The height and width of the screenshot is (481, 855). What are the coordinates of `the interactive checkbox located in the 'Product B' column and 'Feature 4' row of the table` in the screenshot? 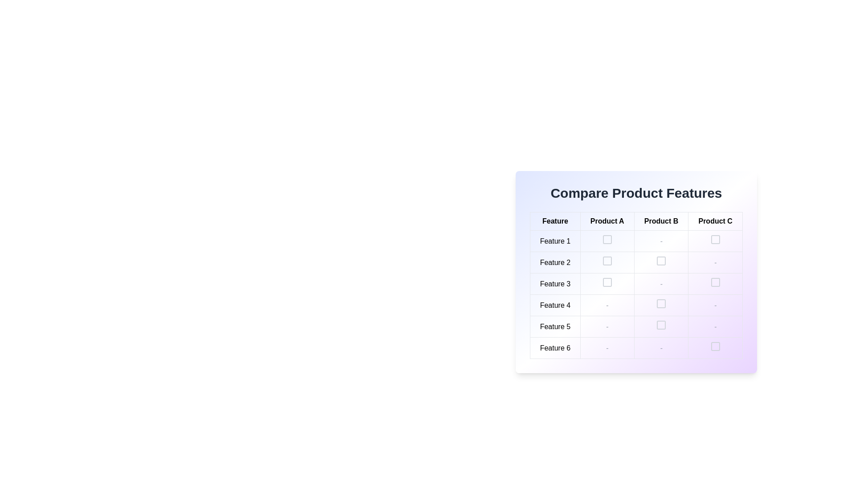 It's located at (661, 303).